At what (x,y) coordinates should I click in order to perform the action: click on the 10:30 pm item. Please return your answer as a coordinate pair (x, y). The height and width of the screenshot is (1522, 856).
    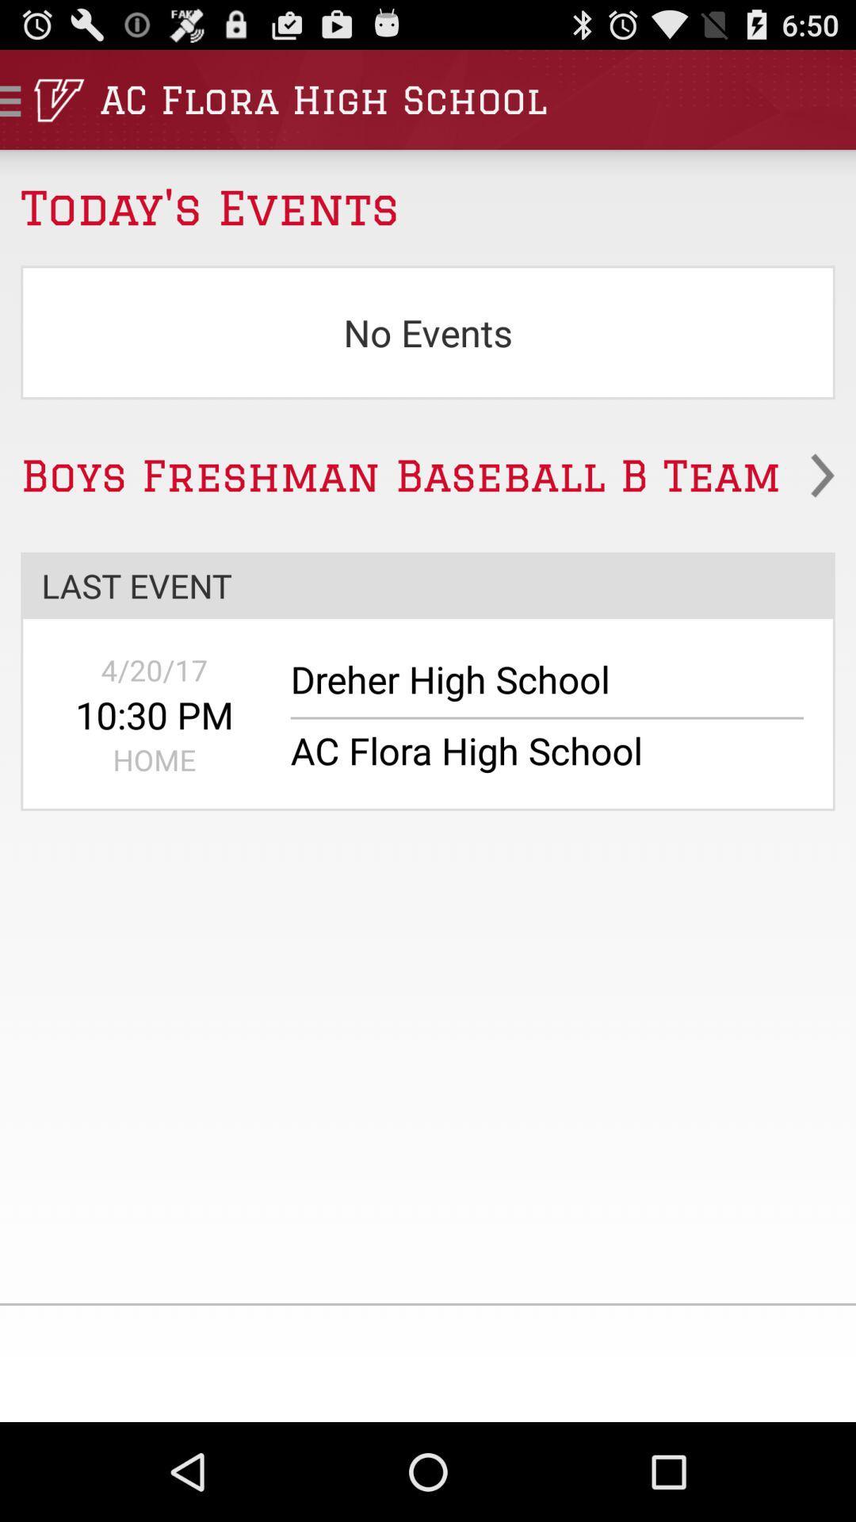
    Looking at the image, I should click on (155, 713).